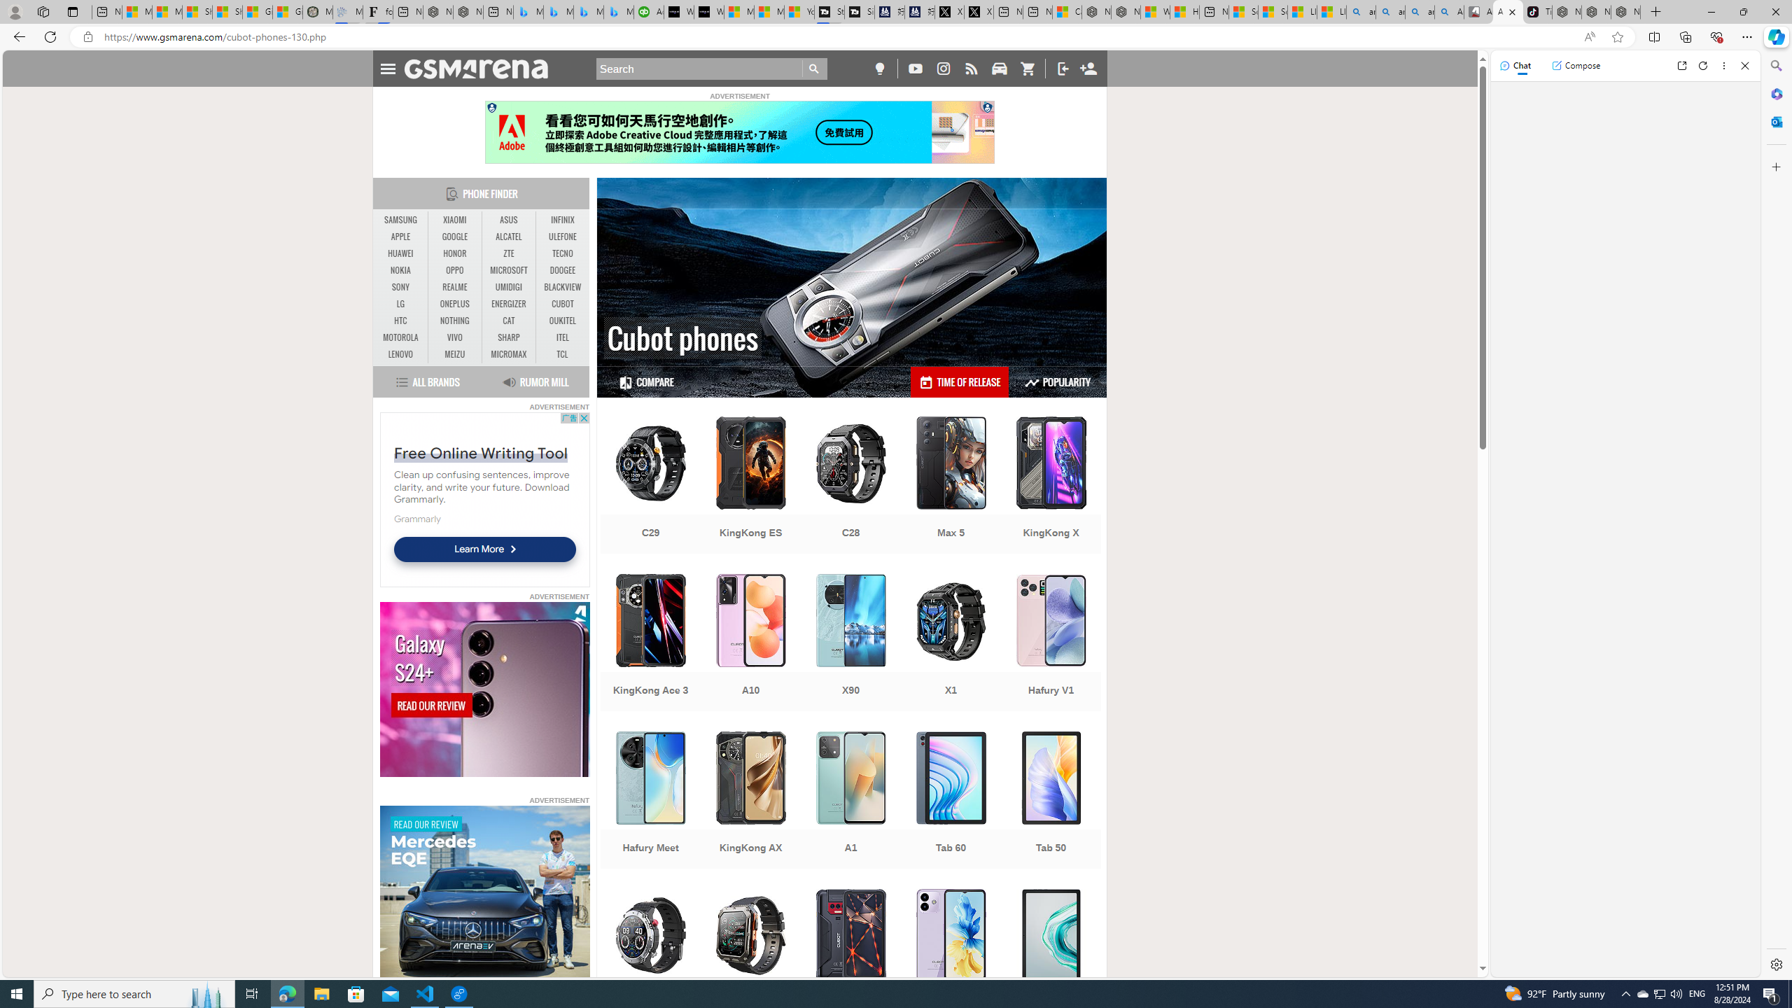 This screenshot has width=1792, height=1008. I want to click on 'KingKong ES', so click(750, 486).